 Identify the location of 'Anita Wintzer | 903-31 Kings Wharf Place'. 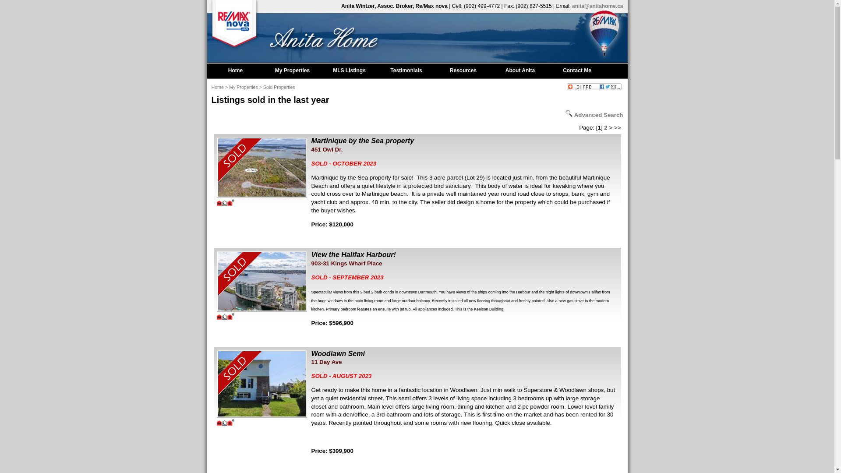
(261, 281).